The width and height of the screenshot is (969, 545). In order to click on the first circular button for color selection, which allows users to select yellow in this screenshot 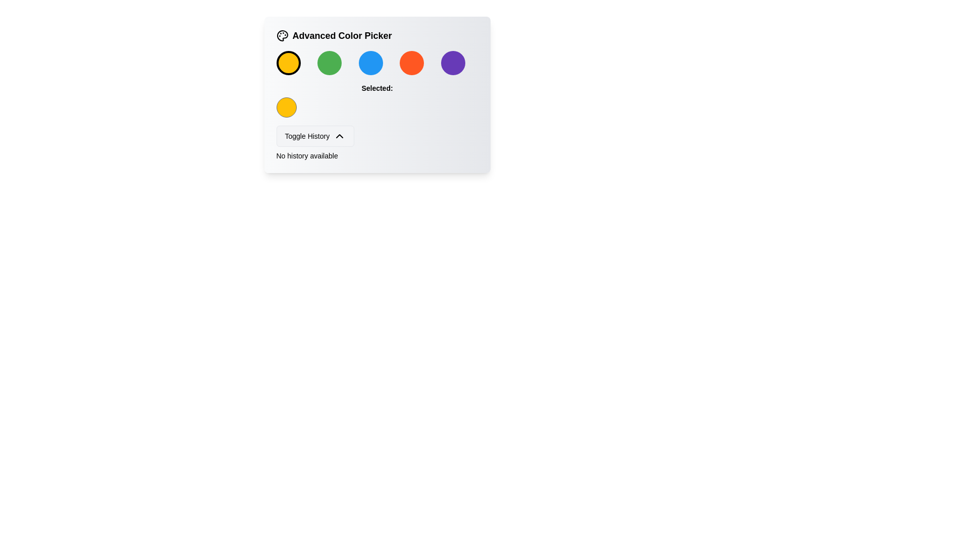, I will do `click(288, 63)`.